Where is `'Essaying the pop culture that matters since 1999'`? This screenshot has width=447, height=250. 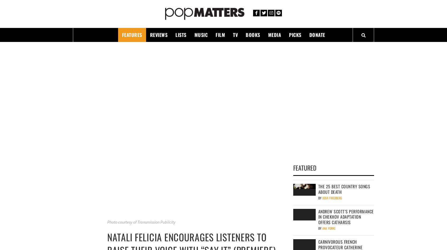
'Essaying the pop culture that matters since 1999' is located at coordinates (131, 25).